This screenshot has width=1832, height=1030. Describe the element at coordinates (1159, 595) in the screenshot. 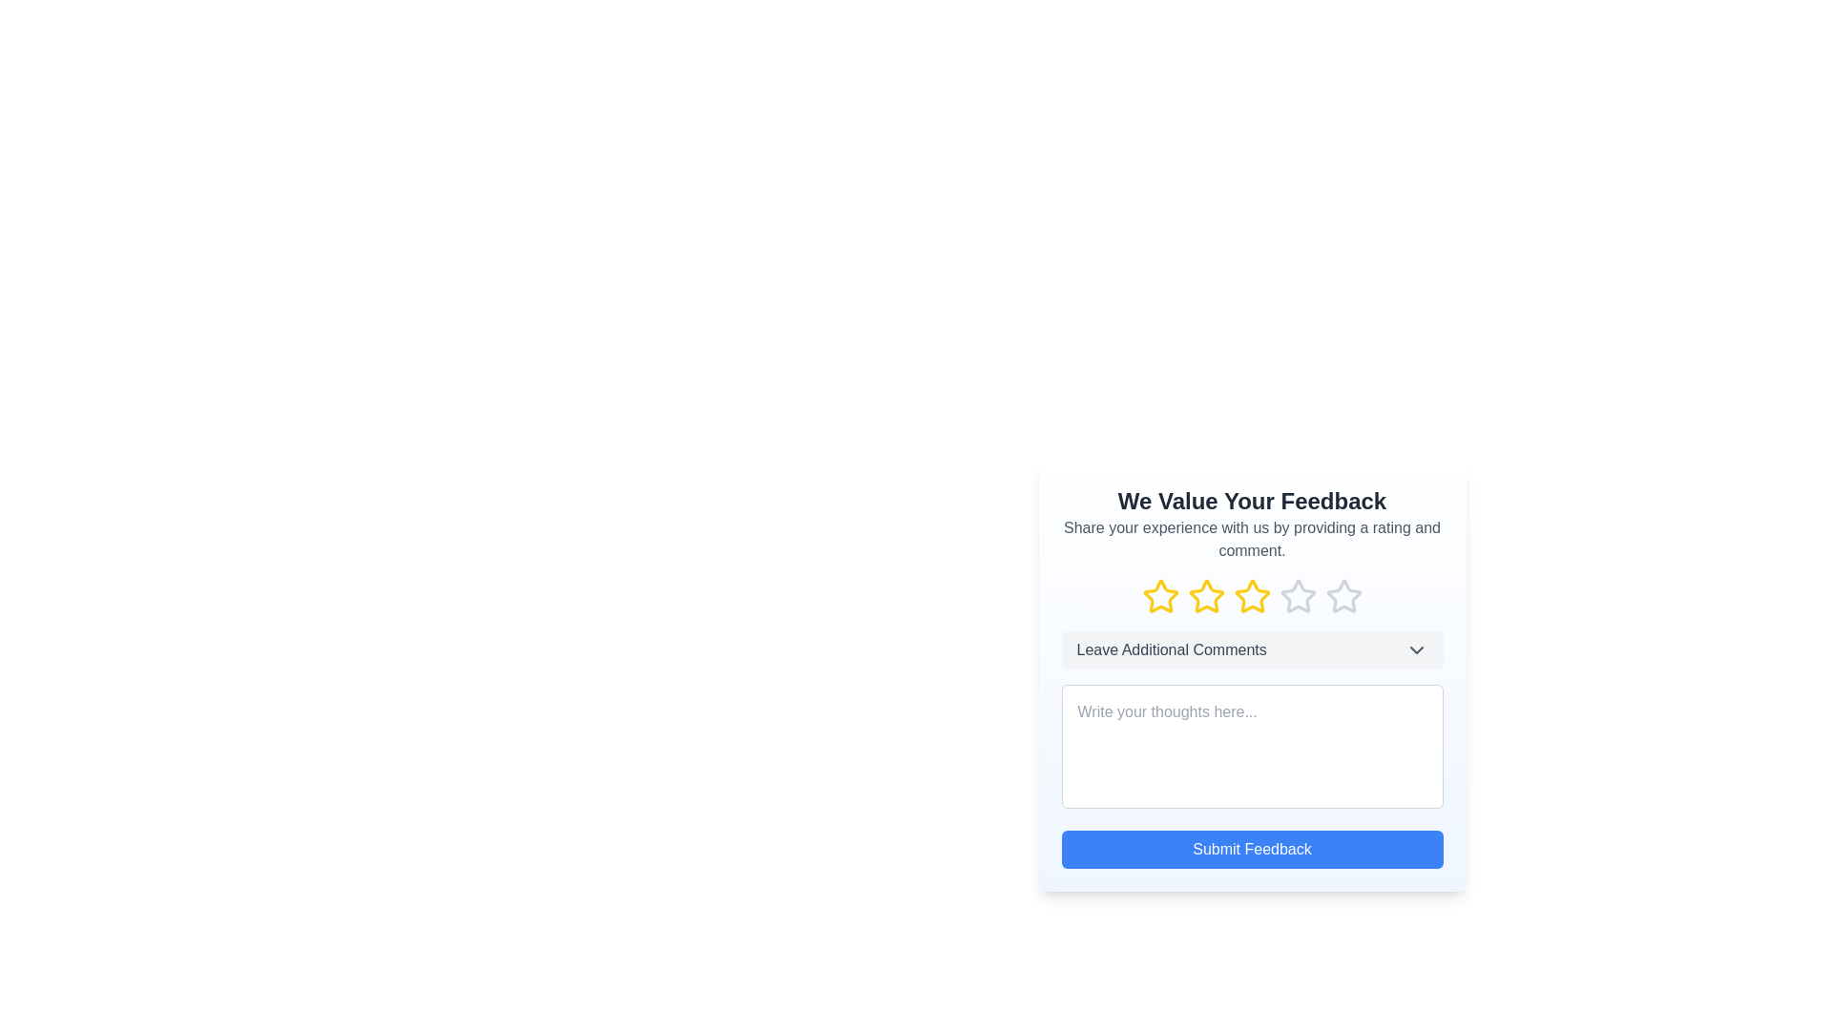

I see `keyboard navigation` at that location.